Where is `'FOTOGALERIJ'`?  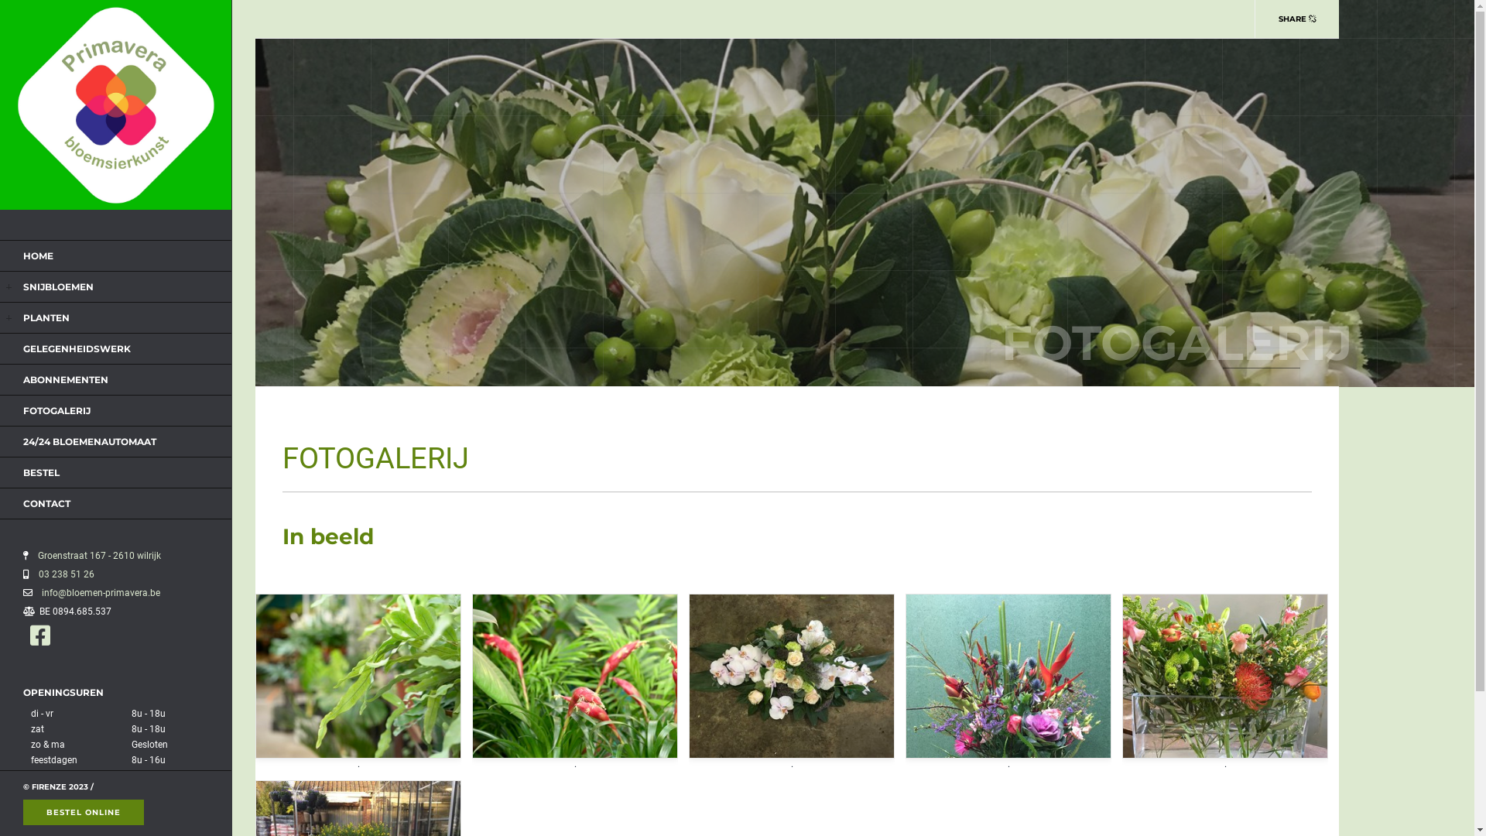 'FOTOGALERIJ' is located at coordinates (56, 409).